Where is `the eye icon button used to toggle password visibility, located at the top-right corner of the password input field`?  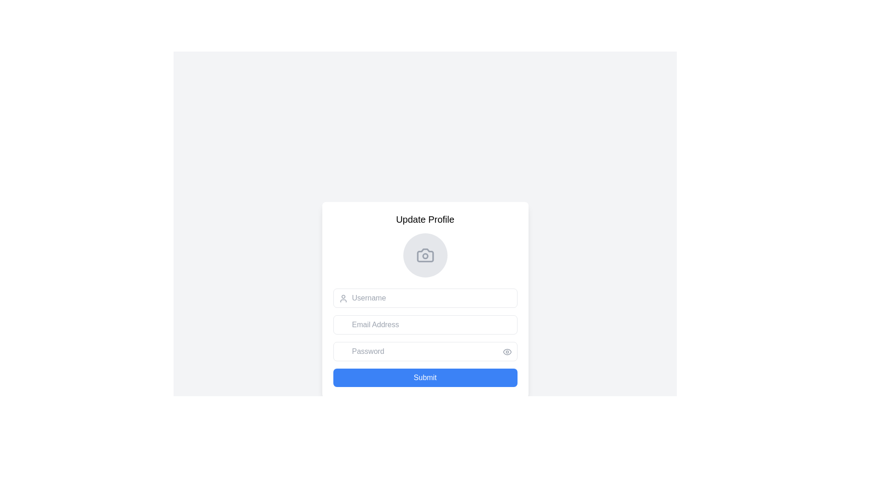 the eye icon button used to toggle password visibility, located at the top-right corner of the password input field is located at coordinates (506, 352).